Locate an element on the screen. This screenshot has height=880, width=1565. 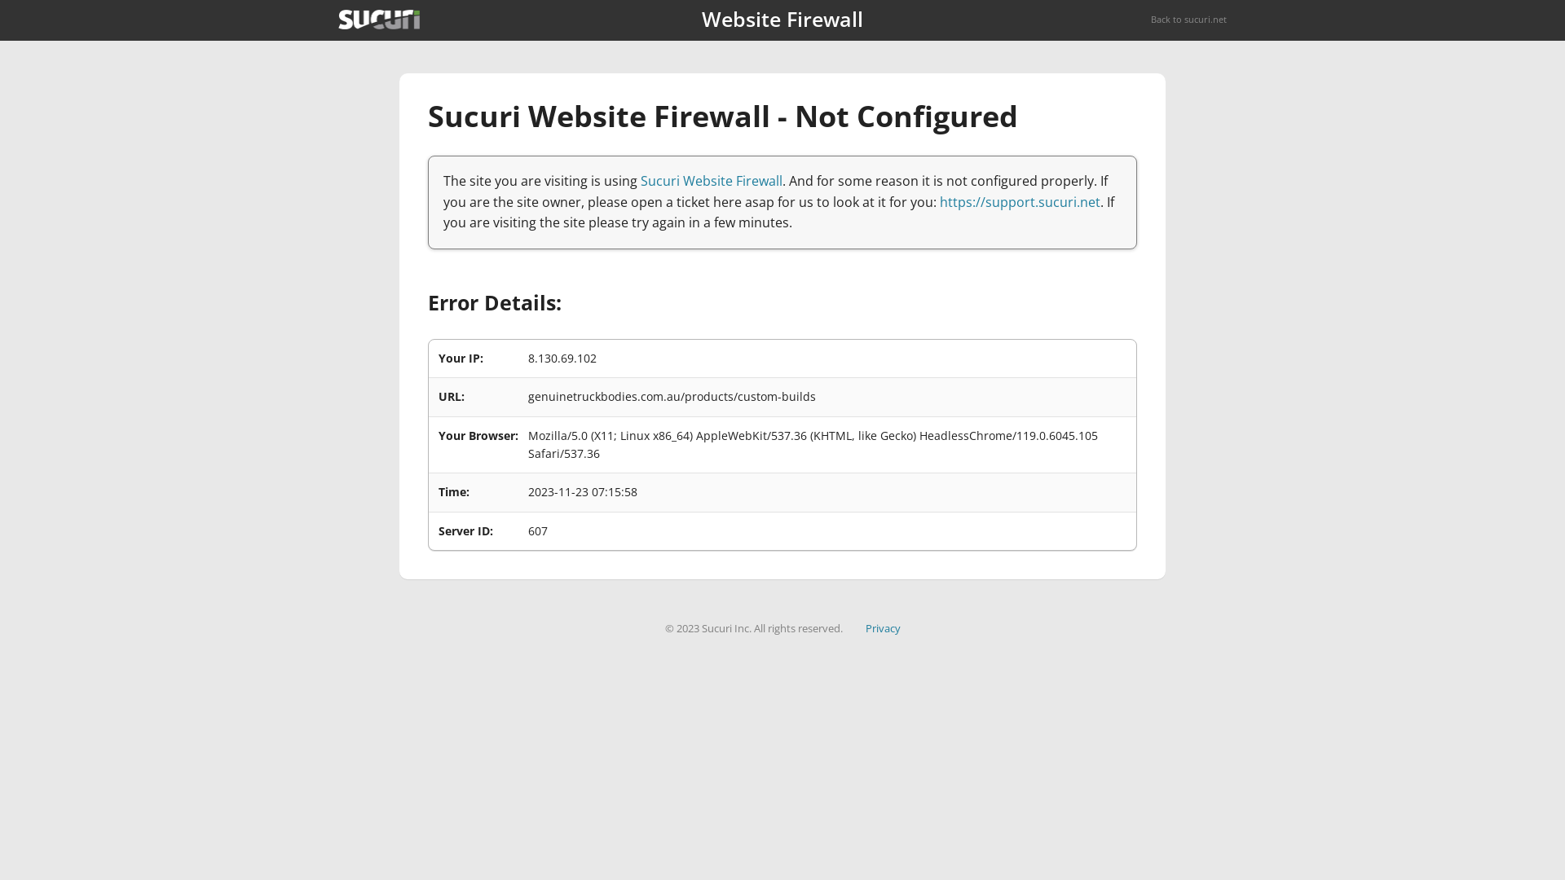
'Sucuri Website Firewall' is located at coordinates (712, 181).